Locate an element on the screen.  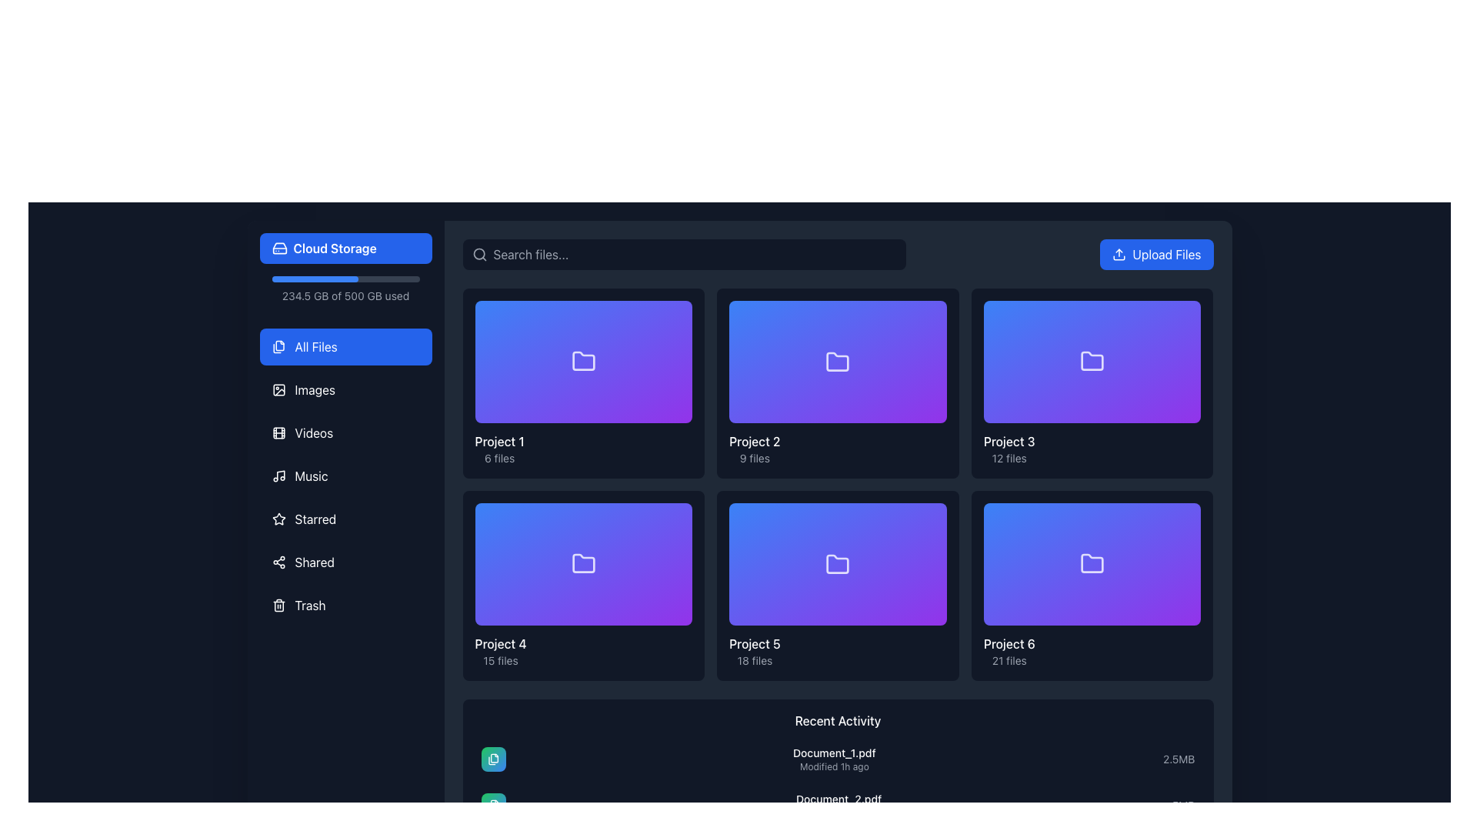
the folder icon representing 'Project 3' located in the third grid item of the second row in the content display section is located at coordinates (1092, 361).